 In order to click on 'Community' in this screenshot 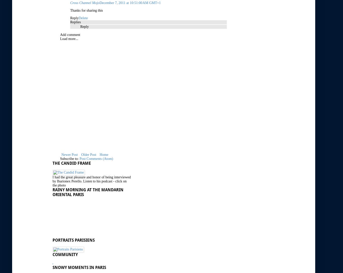, I will do `click(65, 254)`.